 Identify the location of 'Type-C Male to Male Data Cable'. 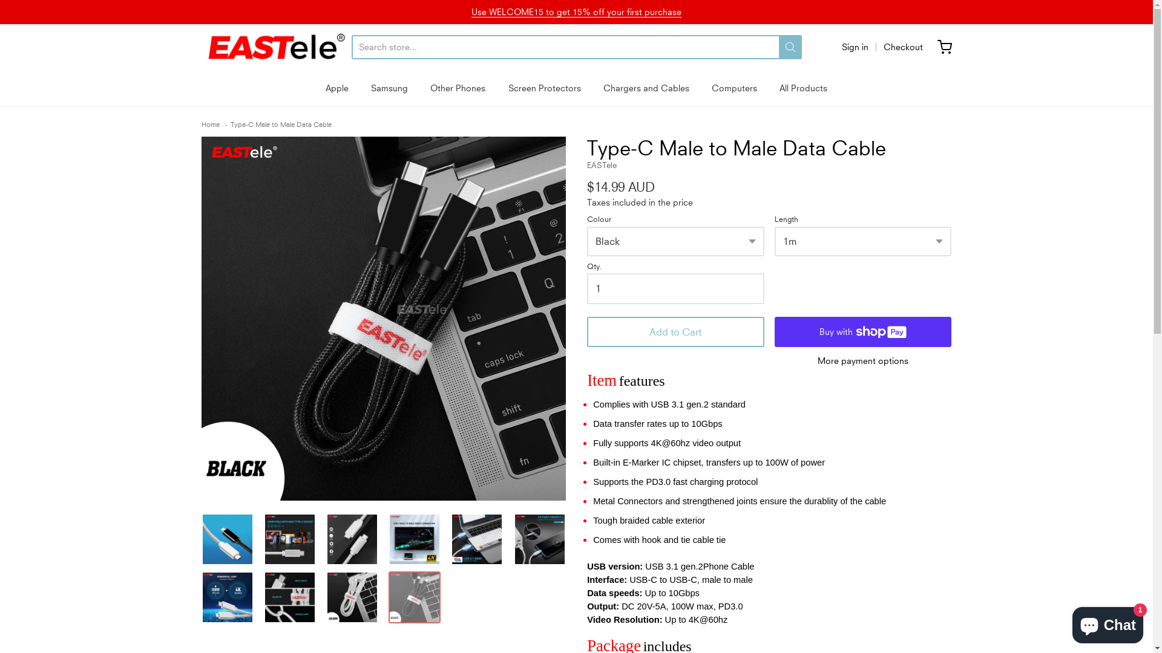
(225, 124).